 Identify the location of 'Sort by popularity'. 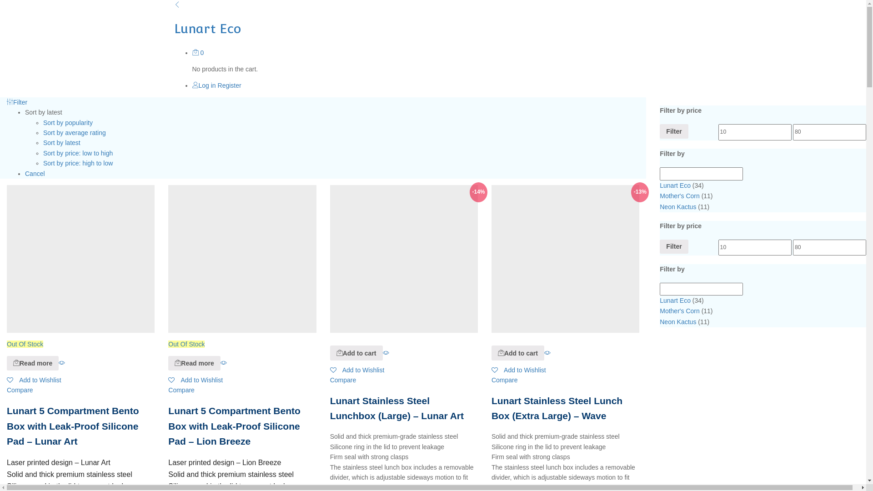
(67, 123).